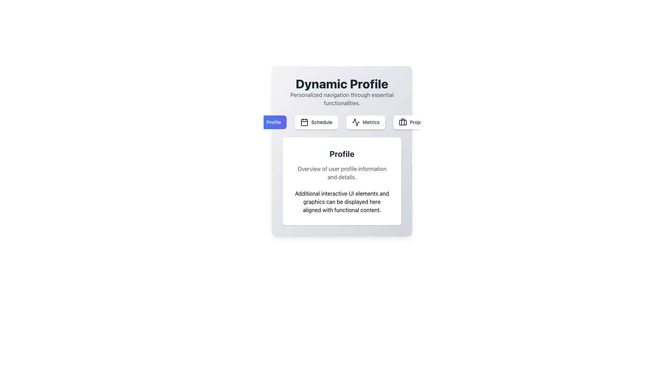 Image resolution: width=659 pixels, height=370 pixels. I want to click on the static text element that provides a brief description or tagline summarizing the functionalities available in the section, located below the bold header 'Dynamic Profile', so click(342, 99).